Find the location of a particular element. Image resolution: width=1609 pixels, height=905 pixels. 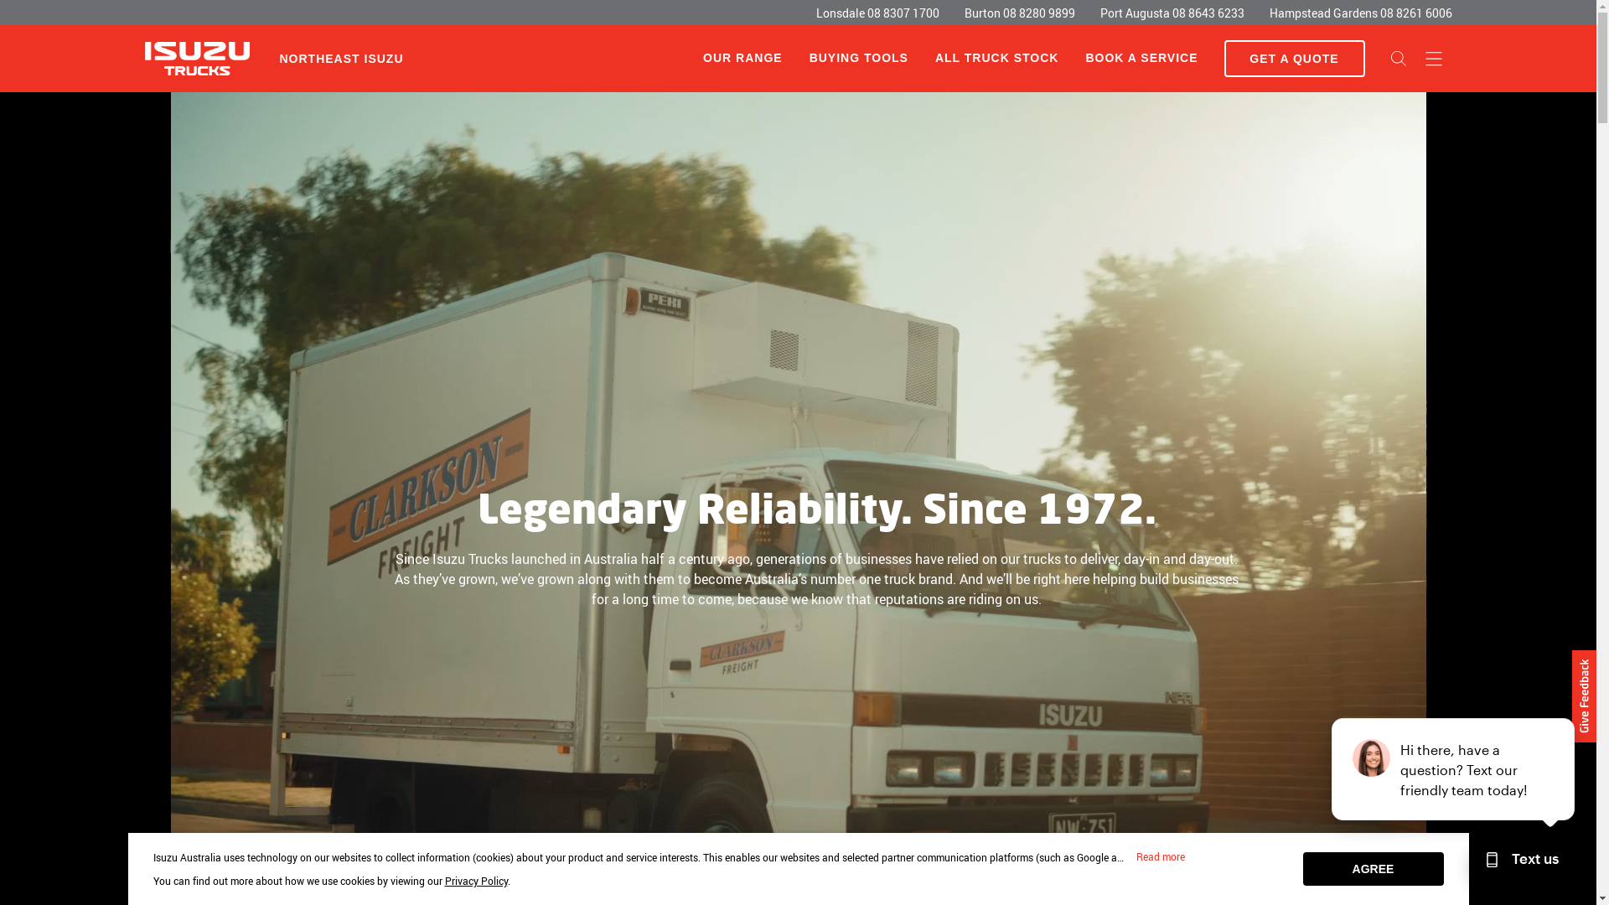

'podium webchat widget prompt' is located at coordinates (1452, 769).